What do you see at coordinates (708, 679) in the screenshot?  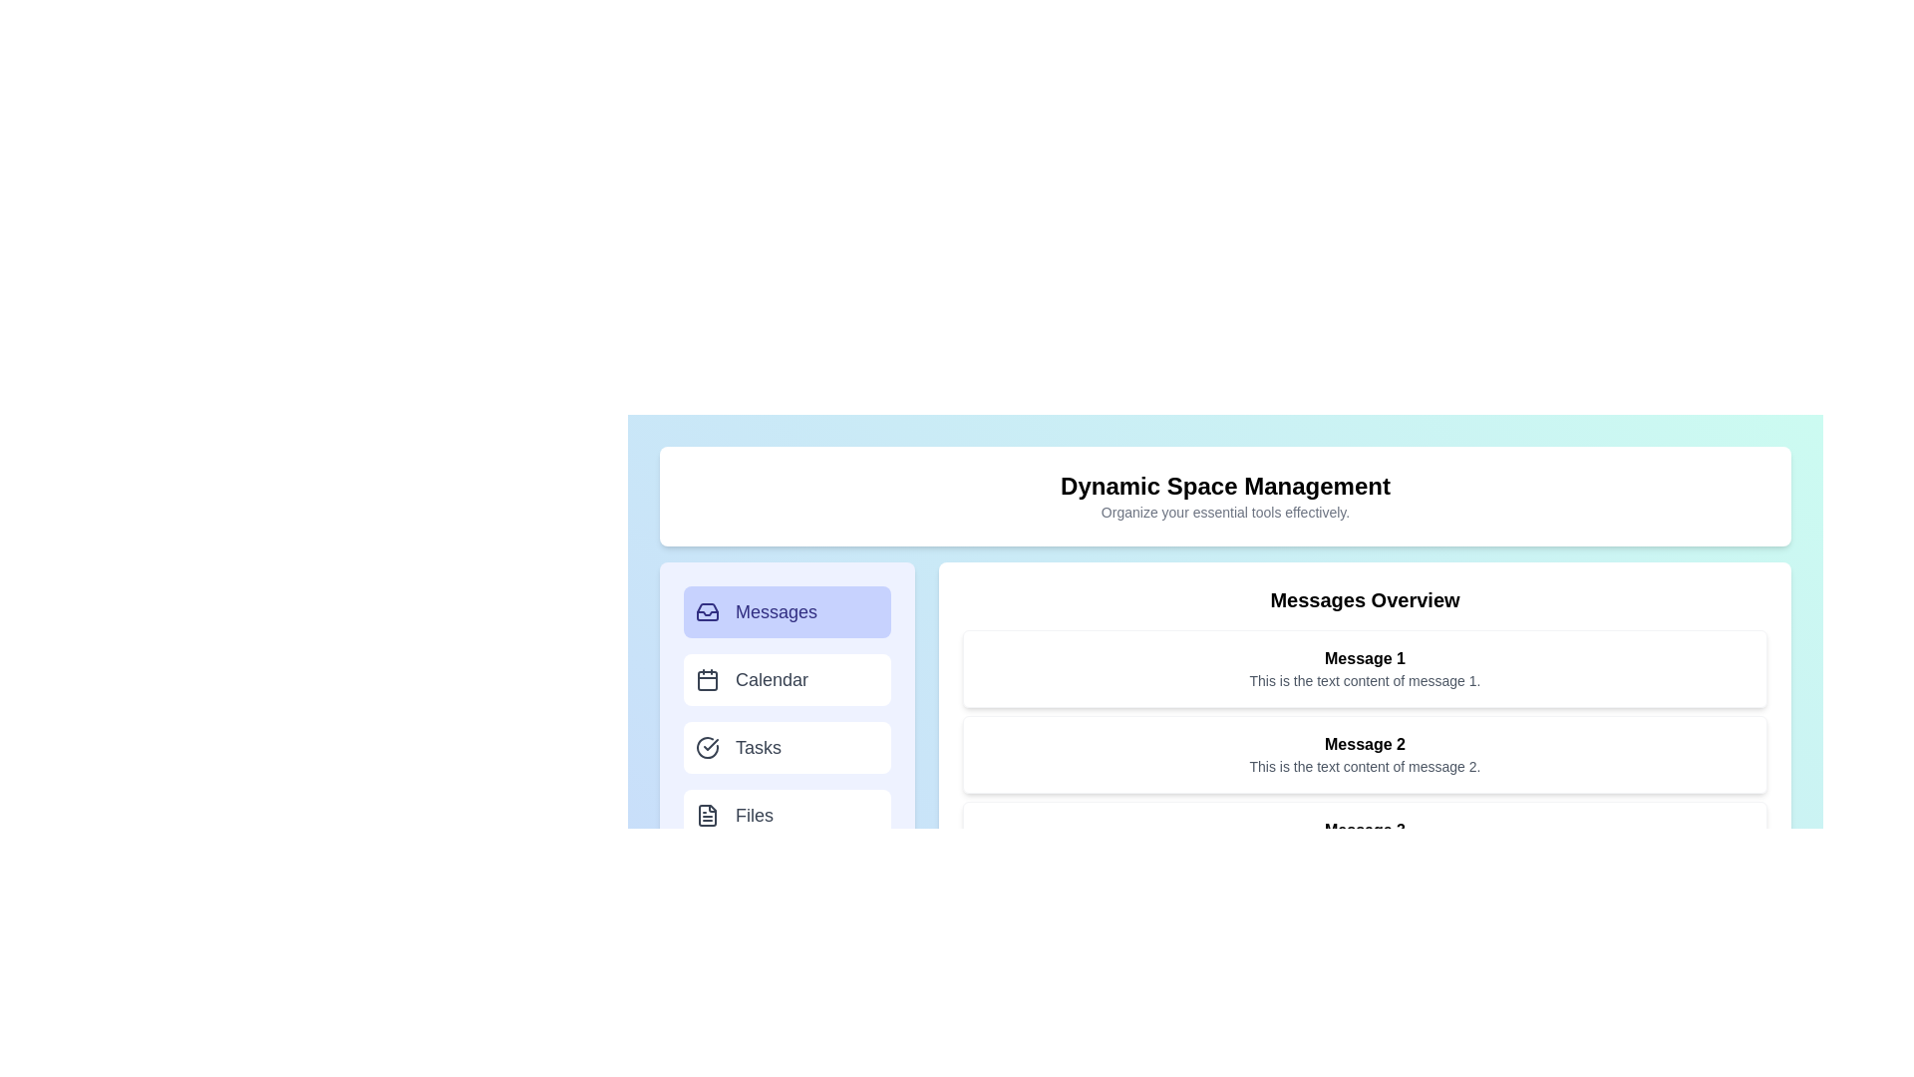 I see `the calendar-shaped icon located in the sidebar, which is directly below the 'Messages' section and above the 'Tasks' section` at bounding box center [708, 679].